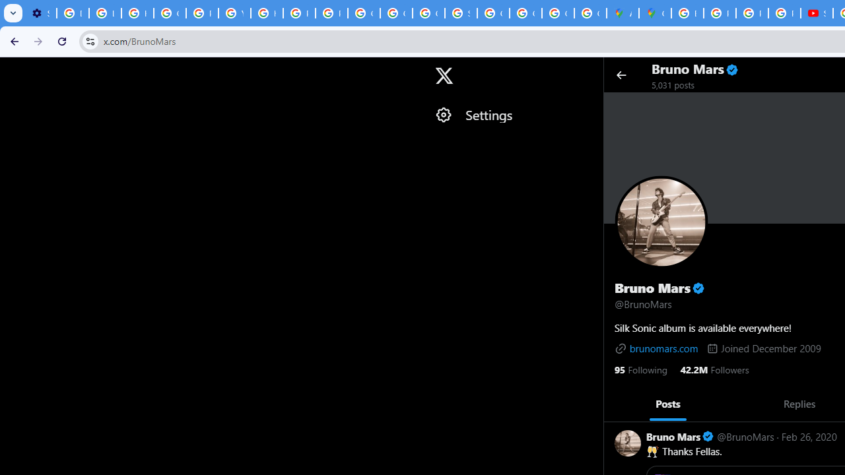 The height and width of the screenshot is (475, 845). Describe the element at coordinates (444, 76) in the screenshot. I see `'X'` at that location.